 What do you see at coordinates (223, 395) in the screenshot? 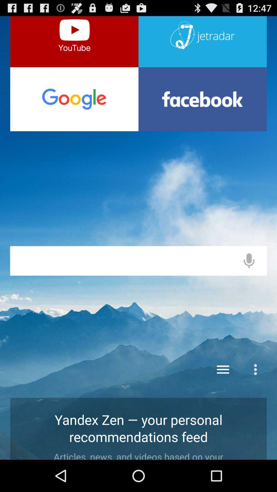
I see `the menu icon` at bounding box center [223, 395].